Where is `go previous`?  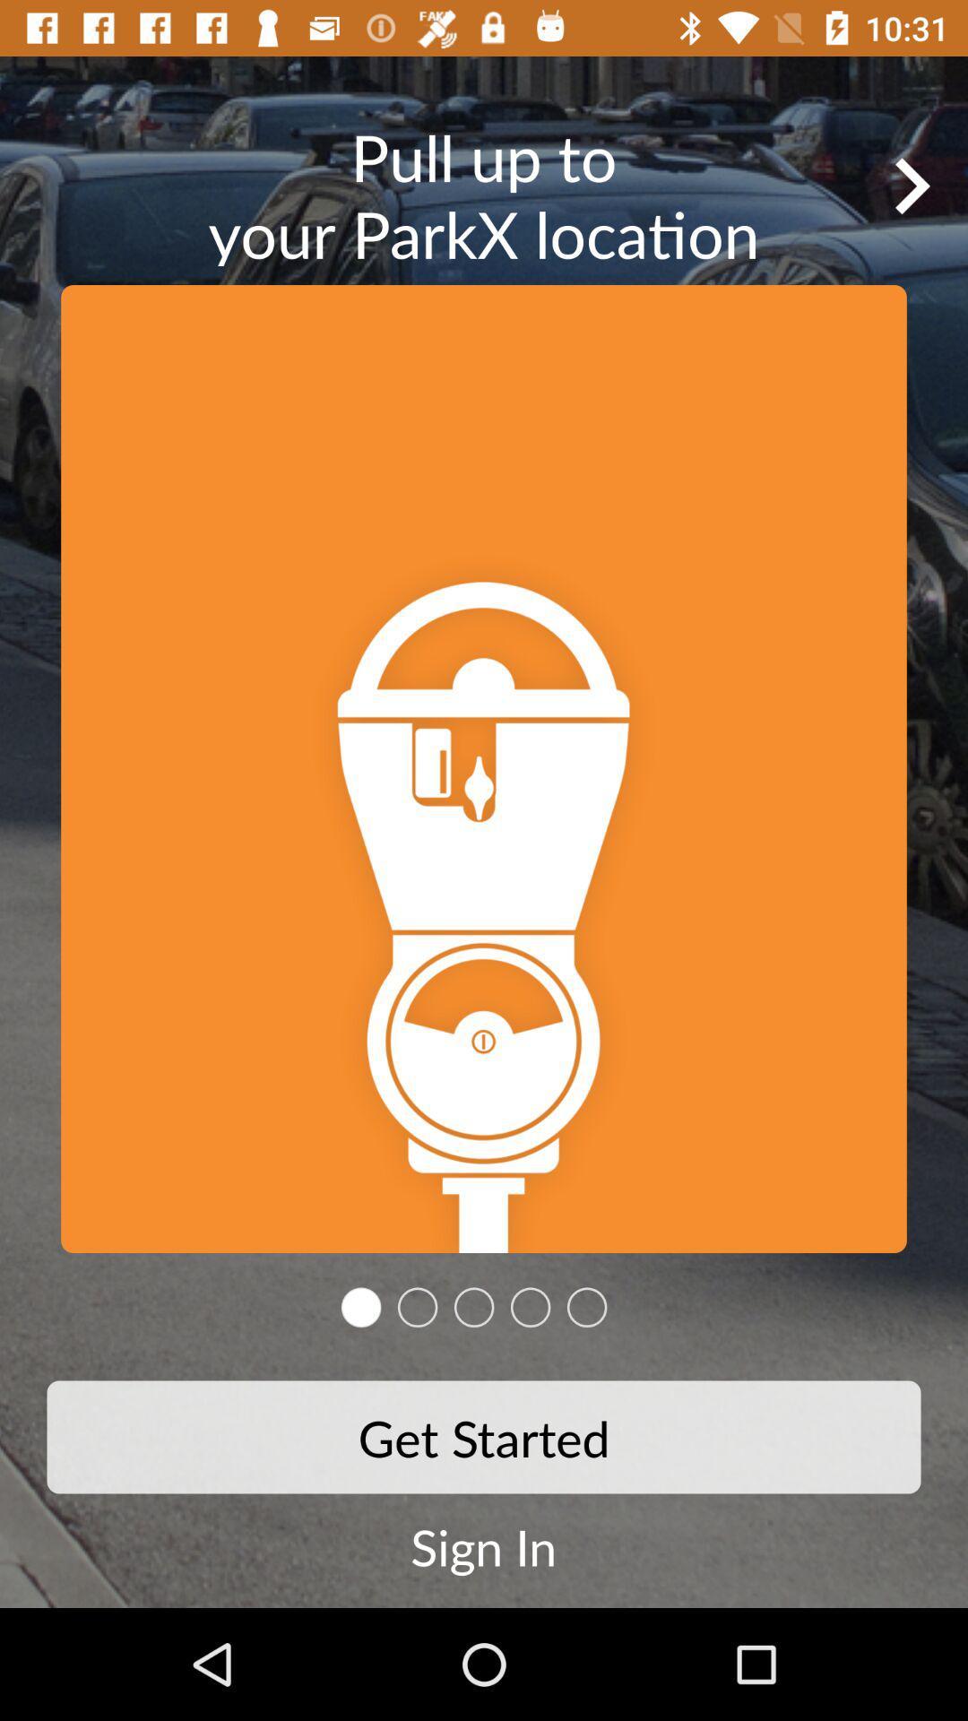 go previous is located at coordinates (912, 186).